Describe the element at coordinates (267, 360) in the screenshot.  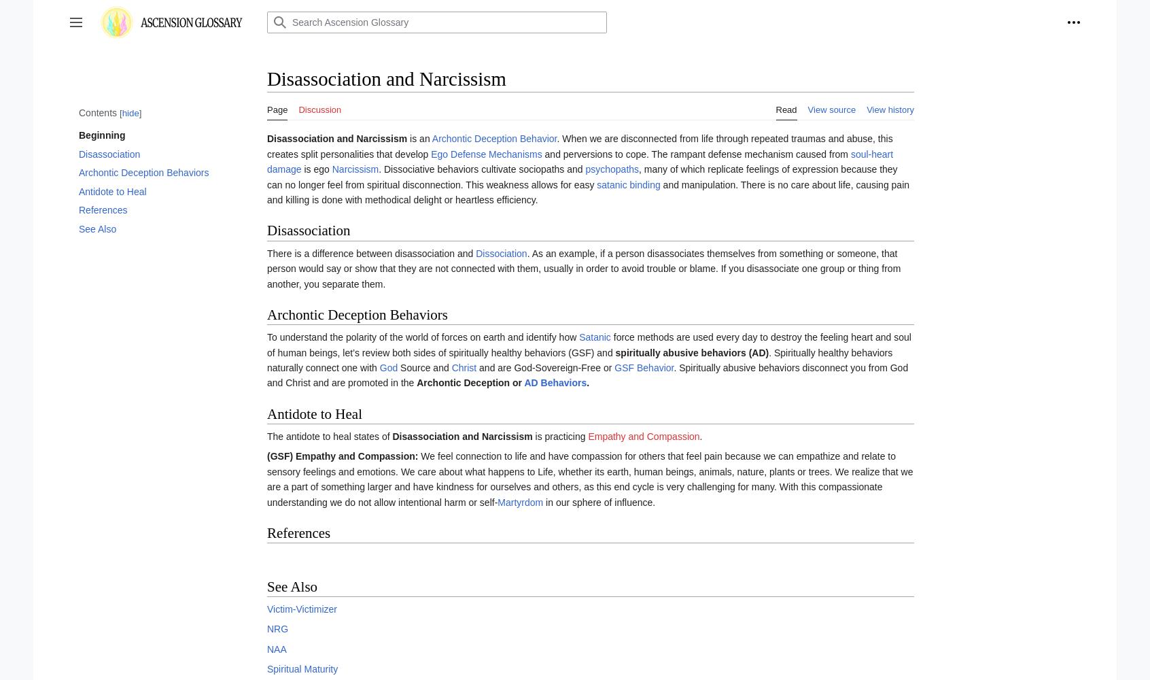
I see `'. Spiritually healthy behaviors naturally connect one with'` at that location.